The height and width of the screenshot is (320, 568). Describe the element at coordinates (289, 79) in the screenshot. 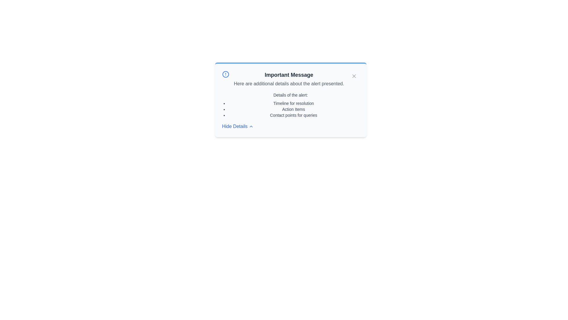

I see `important alert notification text block located at the center of the interface, to the right of the alert icon, containing a bold title and descriptive subtext` at that location.